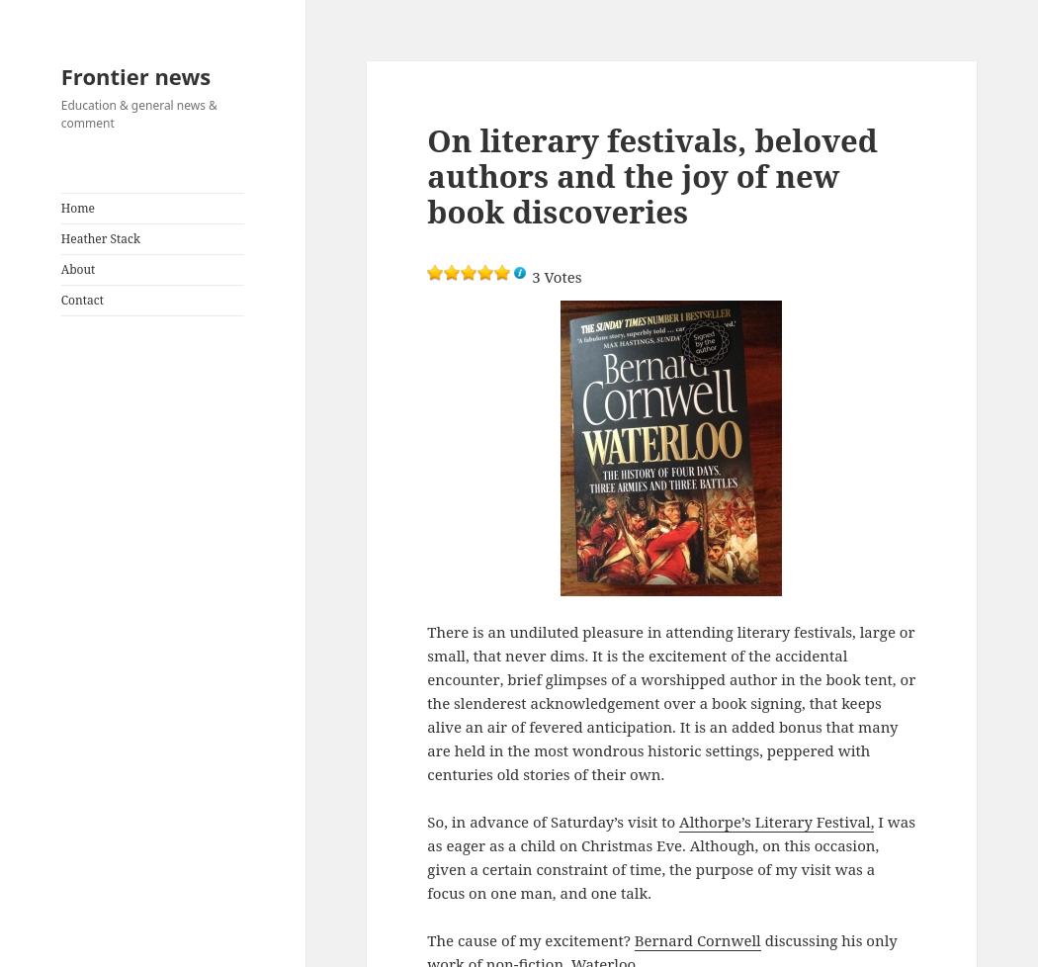 The width and height of the screenshot is (1038, 967). What do you see at coordinates (650, 175) in the screenshot?
I see `'On literary festivals, beloved authors and the joy of new book discoveries'` at bounding box center [650, 175].